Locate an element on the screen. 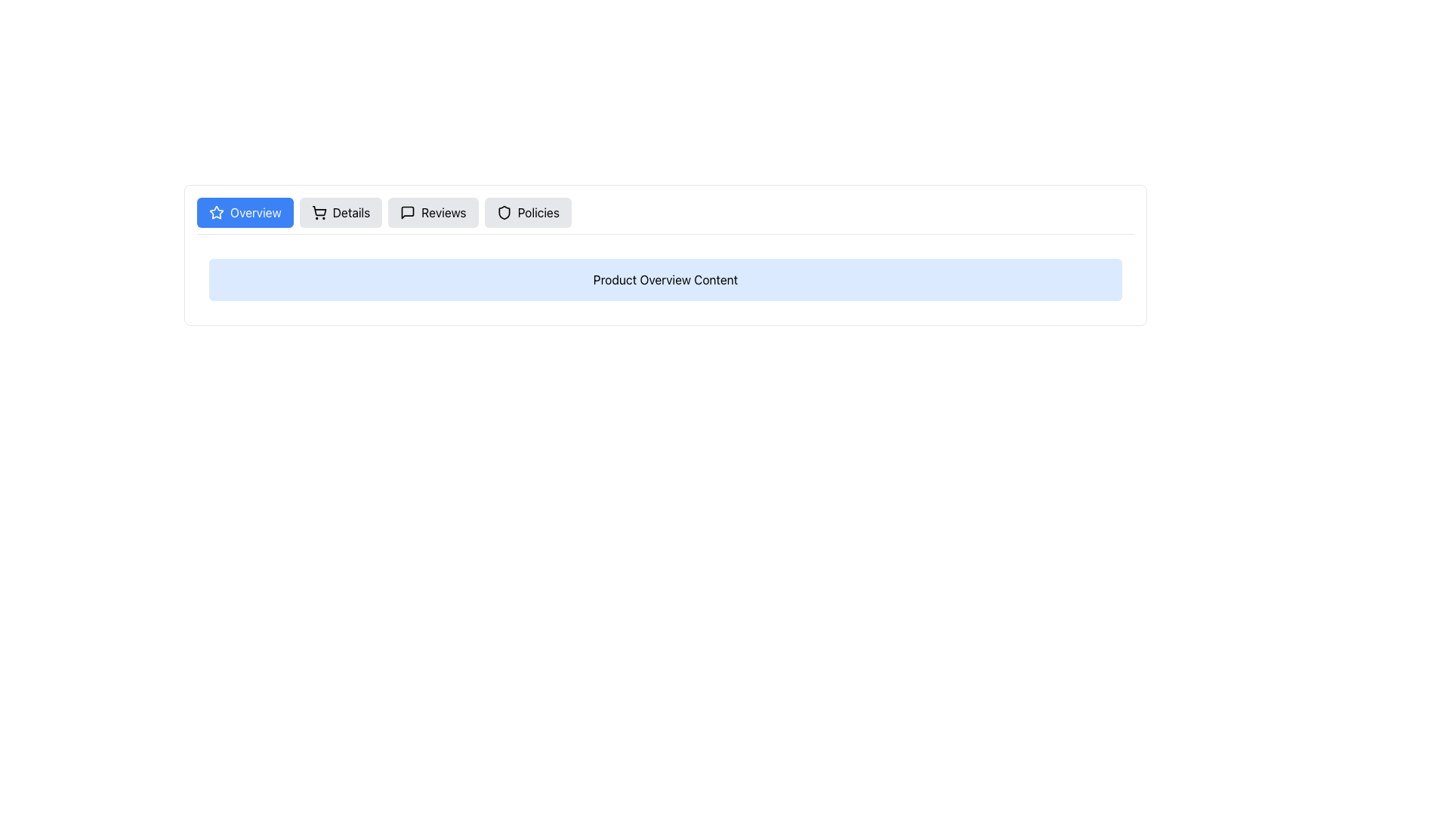 The width and height of the screenshot is (1450, 815). the 'Details' button, which has a rounded corner and light gray background is located at coordinates (340, 212).